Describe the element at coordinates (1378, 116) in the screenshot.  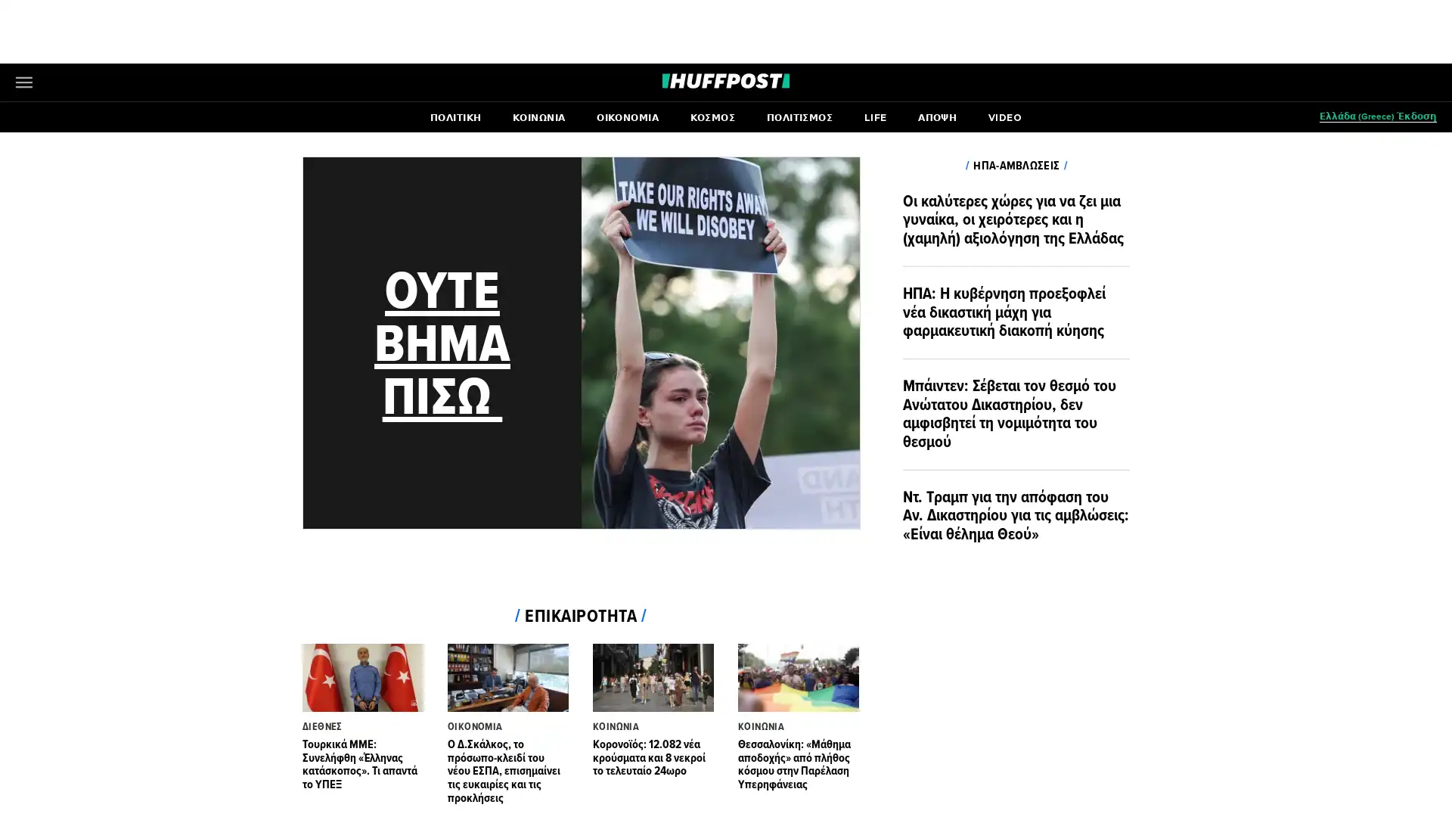
I see `(Greece)  Open editions submenu` at that location.